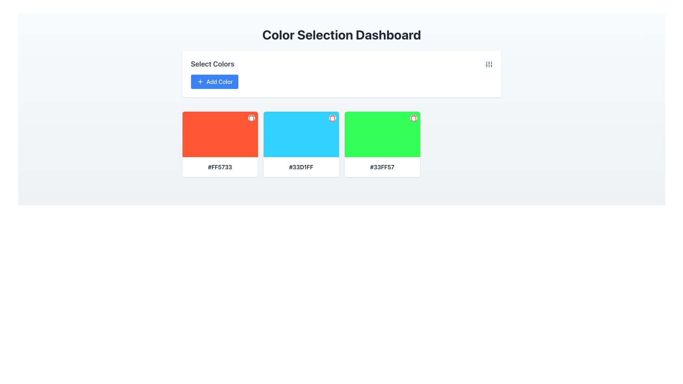 The height and width of the screenshot is (384, 683). Describe the element at coordinates (341, 144) in the screenshot. I see `the buttons on the color cards in the color selection grid located in the central area of the user interface, below the 'Select Colors' heading` at that location.